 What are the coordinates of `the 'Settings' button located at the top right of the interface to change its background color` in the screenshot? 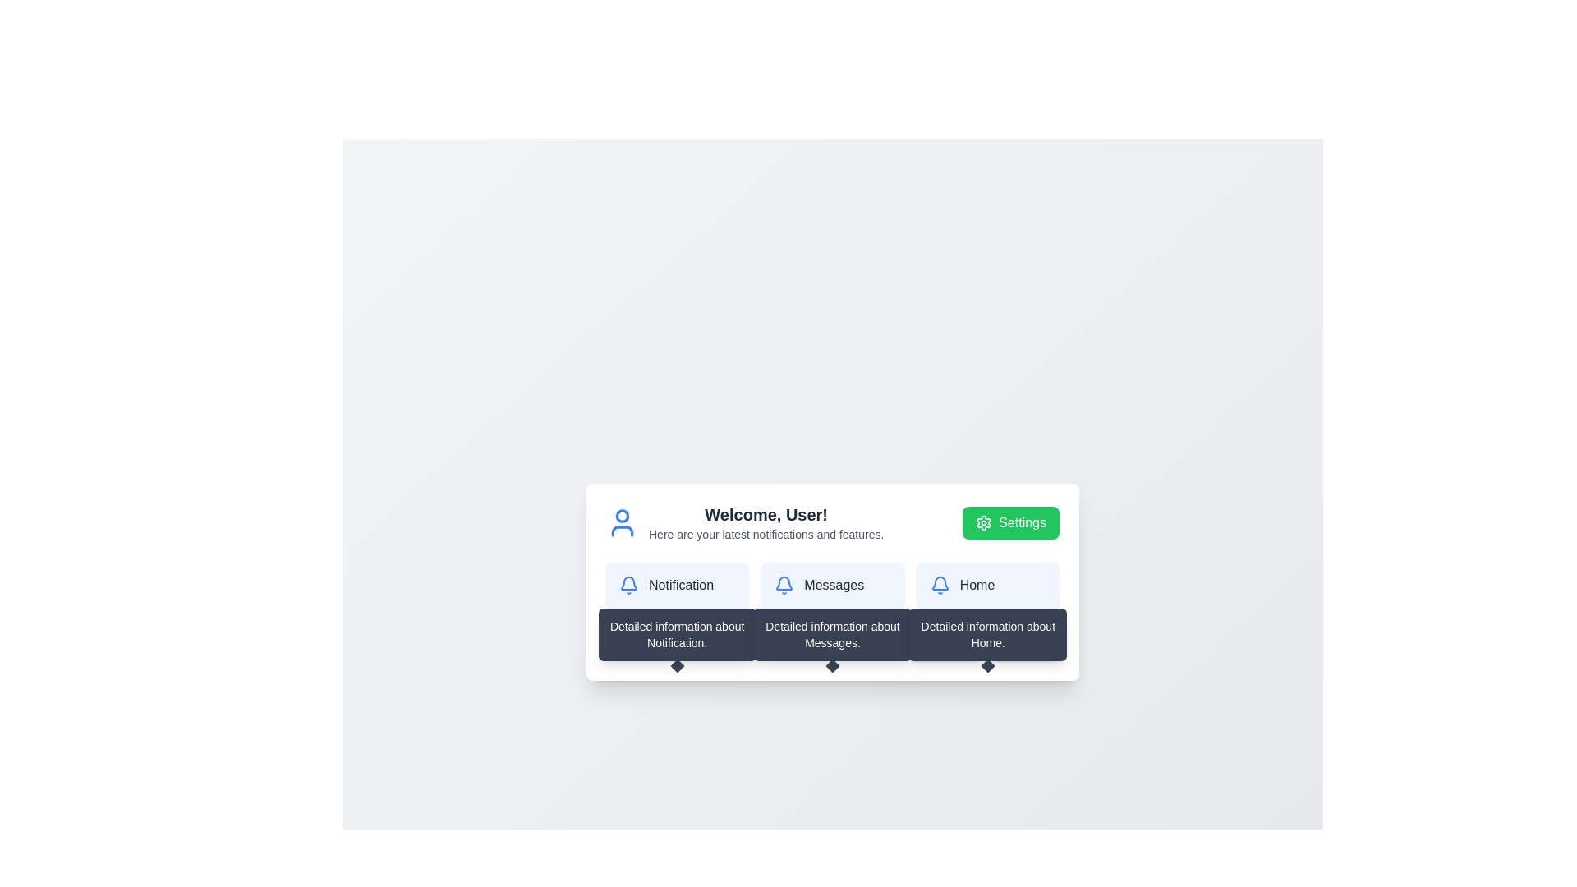 It's located at (1010, 522).